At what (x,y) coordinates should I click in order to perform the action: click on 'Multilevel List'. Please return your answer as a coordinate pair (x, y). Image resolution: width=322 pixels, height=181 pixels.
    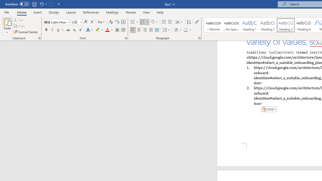
    Looking at the image, I should click on (154, 22).